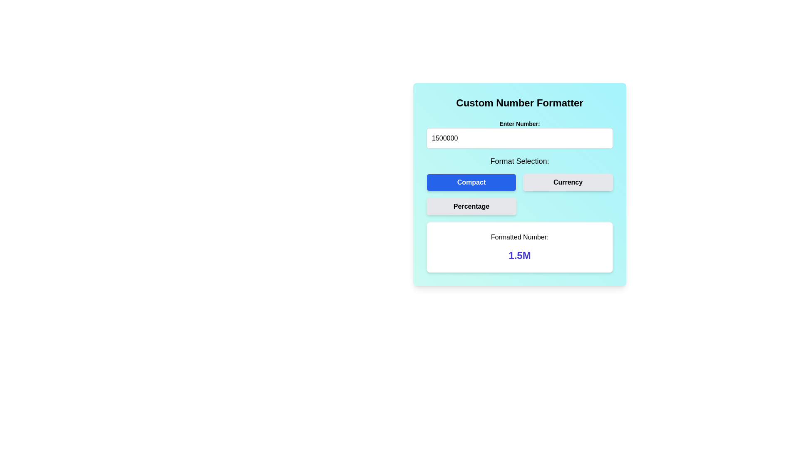 Image resolution: width=799 pixels, height=449 pixels. I want to click on the 'Compact' button with a deep blue background and white text, so click(519, 184).